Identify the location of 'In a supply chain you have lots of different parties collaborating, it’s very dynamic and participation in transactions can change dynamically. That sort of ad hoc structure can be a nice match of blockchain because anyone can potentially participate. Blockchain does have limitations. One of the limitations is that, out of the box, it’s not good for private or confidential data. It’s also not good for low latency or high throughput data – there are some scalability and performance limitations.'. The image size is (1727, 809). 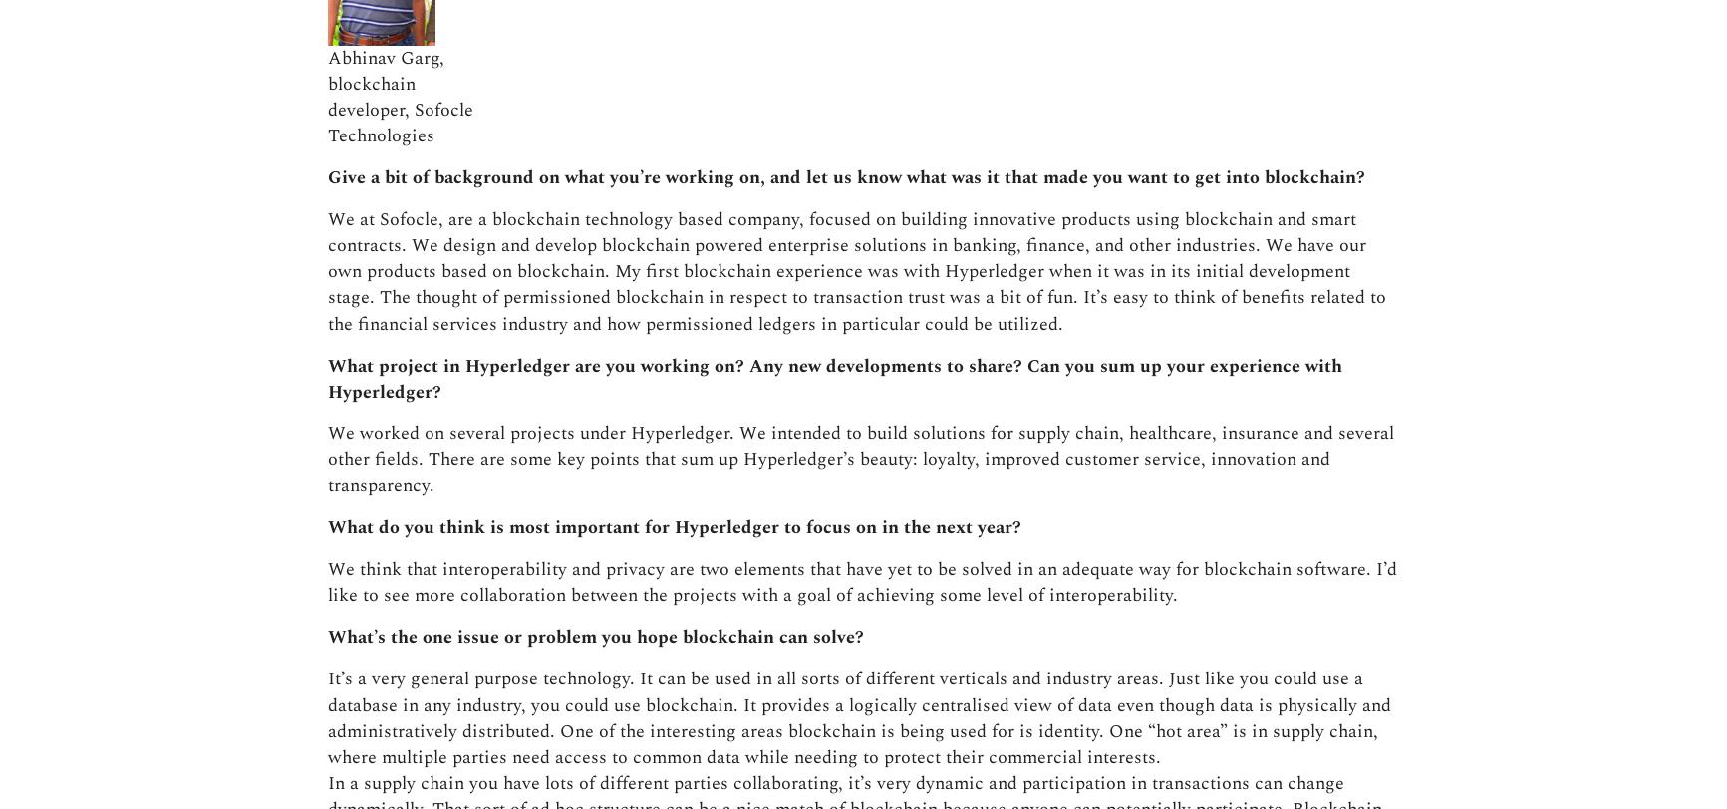
(860, 404).